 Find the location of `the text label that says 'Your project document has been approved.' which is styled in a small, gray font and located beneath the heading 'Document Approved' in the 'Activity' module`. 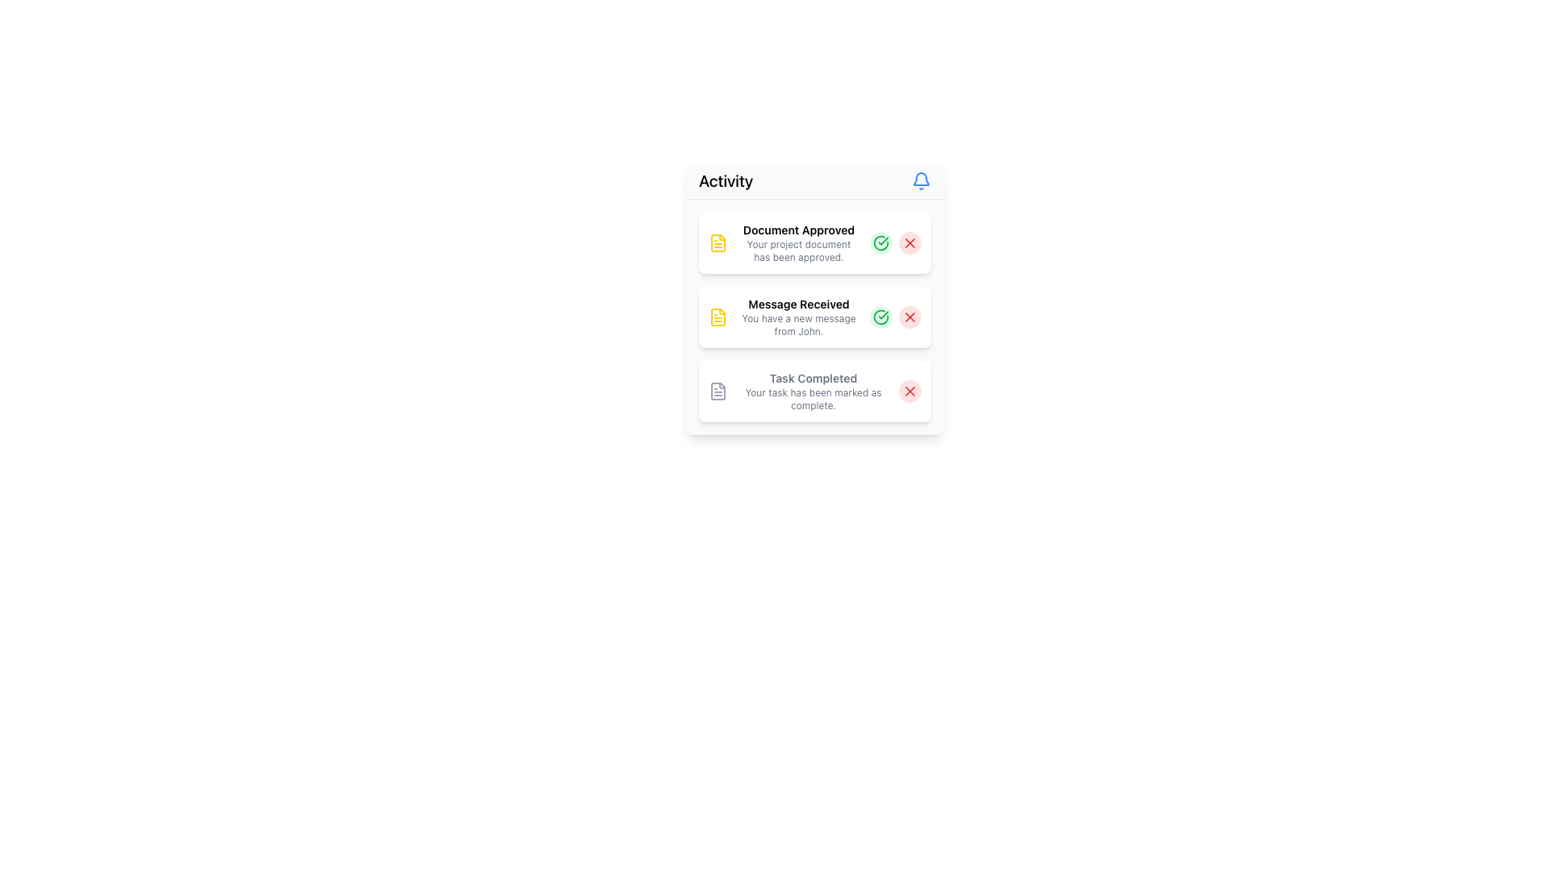

the text label that says 'Your project document has been approved.' which is styled in a small, gray font and located beneath the heading 'Document Approved' in the 'Activity' module is located at coordinates (798, 251).